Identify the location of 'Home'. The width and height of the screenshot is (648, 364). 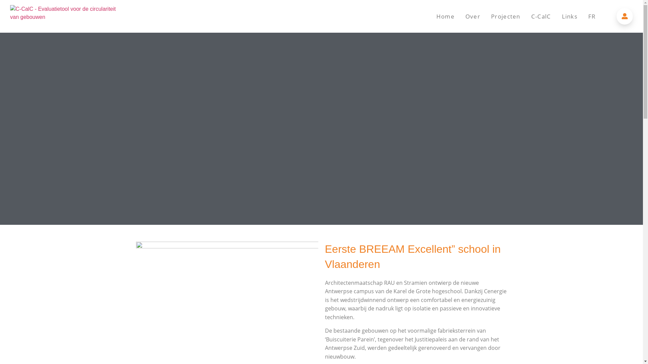
(446, 16).